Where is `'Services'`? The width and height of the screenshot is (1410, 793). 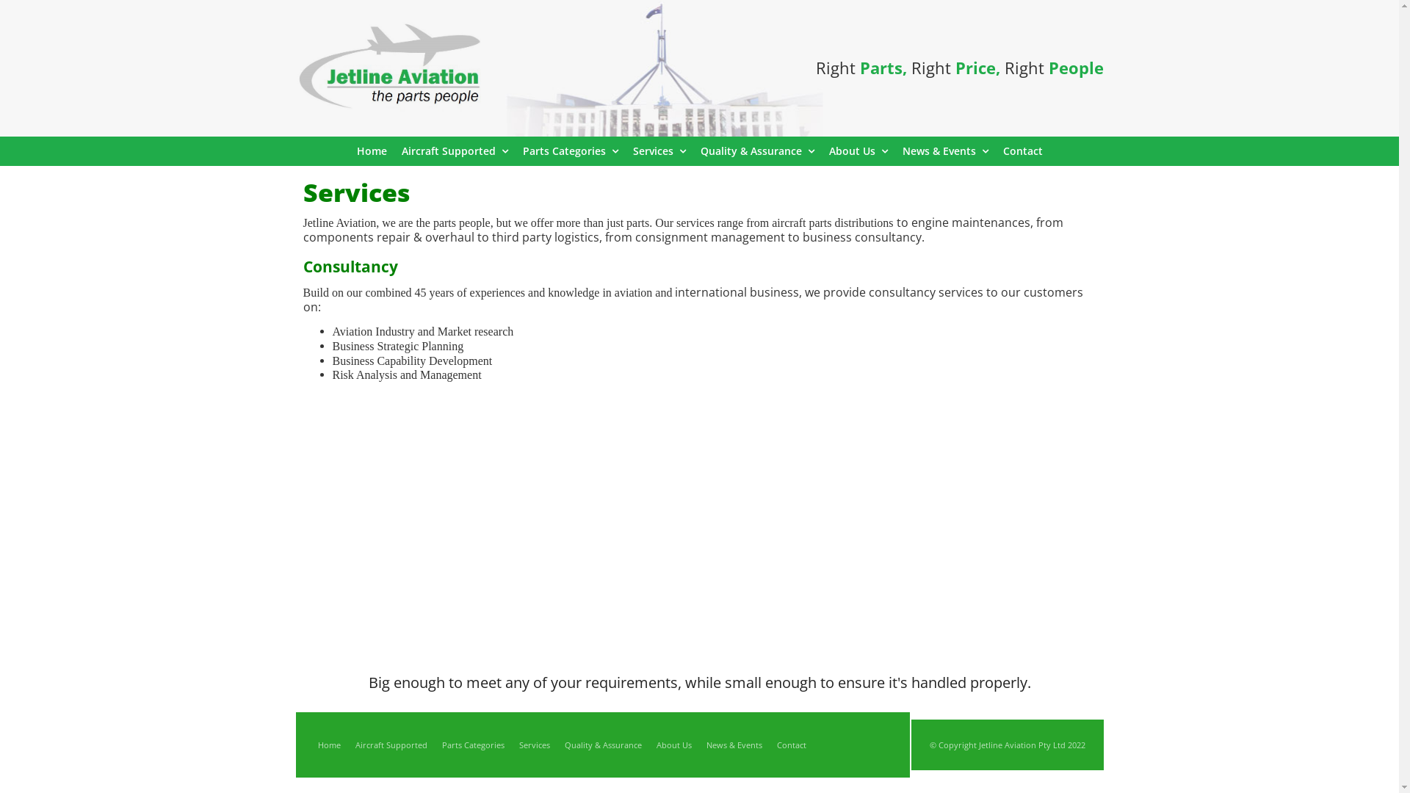
'Services' is located at coordinates (658, 151).